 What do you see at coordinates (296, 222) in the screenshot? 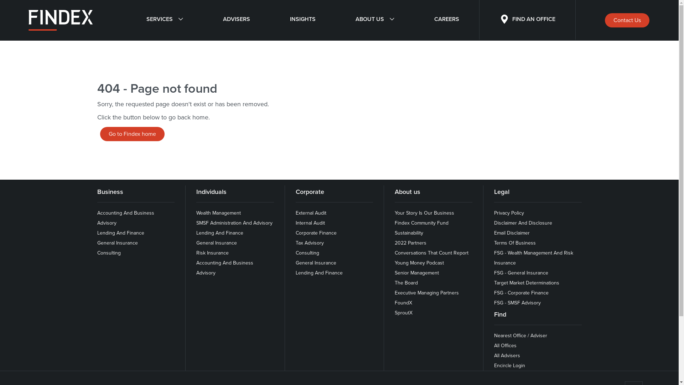
I see `'Internal Audit'` at bounding box center [296, 222].